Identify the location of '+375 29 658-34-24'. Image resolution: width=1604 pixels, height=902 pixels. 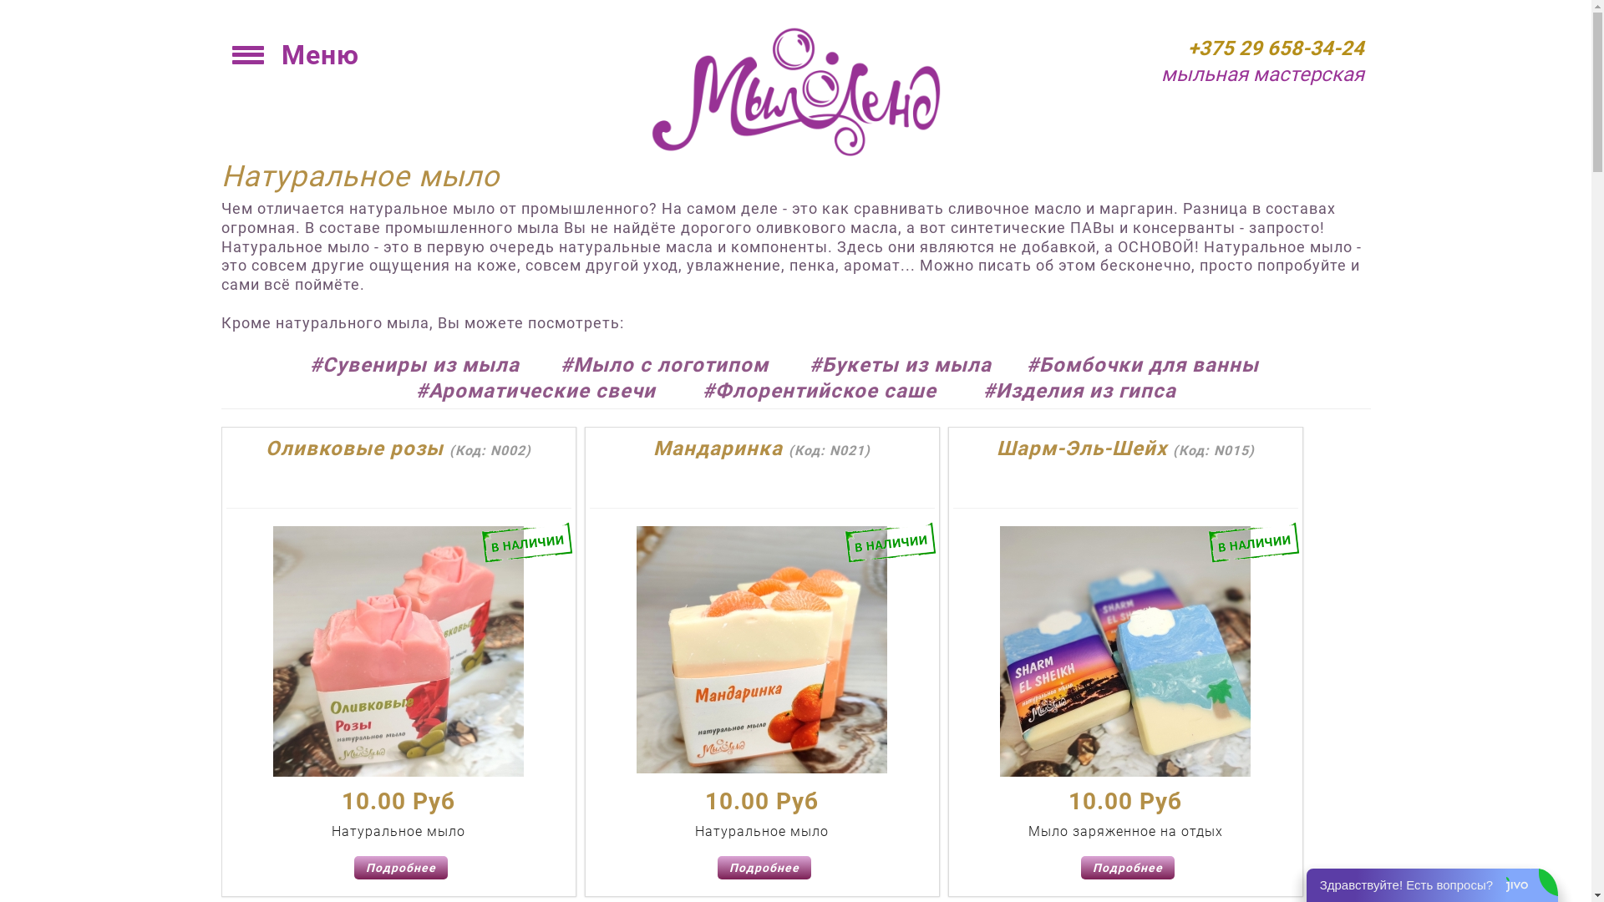
(1275, 47).